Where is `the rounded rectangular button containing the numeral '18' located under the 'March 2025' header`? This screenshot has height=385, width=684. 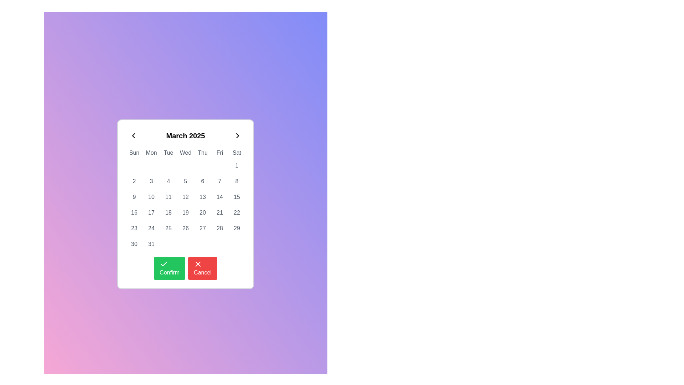
the rounded rectangular button containing the numeral '18' located under the 'March 2025' header is located at coordinates (168, 212).